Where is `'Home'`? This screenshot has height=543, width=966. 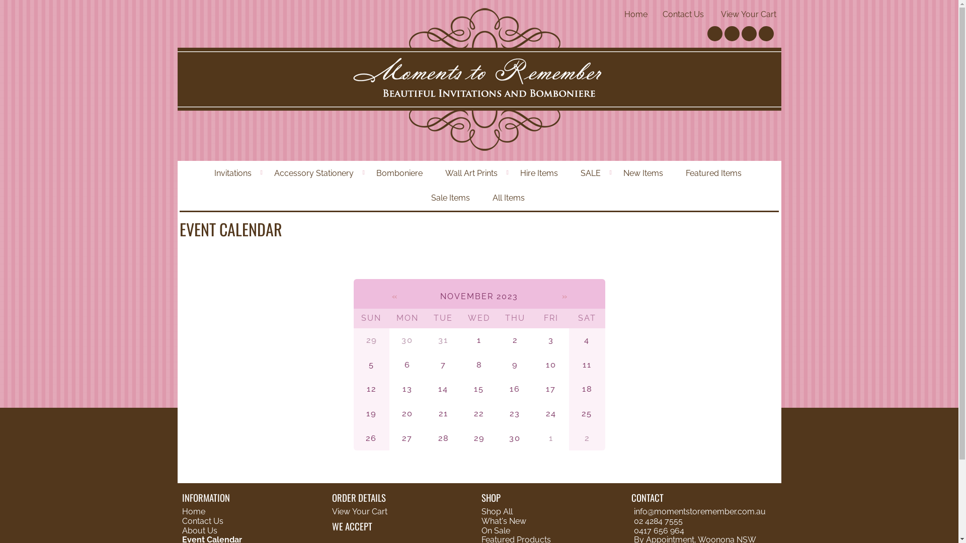
'Home' is located at coordinates (635, 14).